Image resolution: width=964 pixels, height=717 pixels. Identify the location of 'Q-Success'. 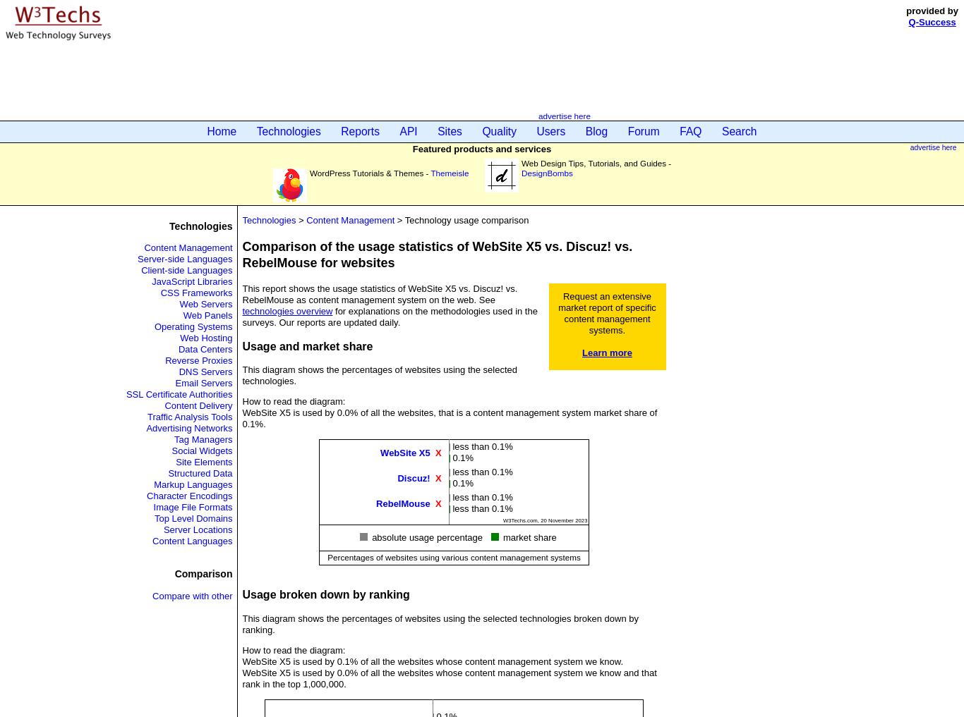
(931, 21).